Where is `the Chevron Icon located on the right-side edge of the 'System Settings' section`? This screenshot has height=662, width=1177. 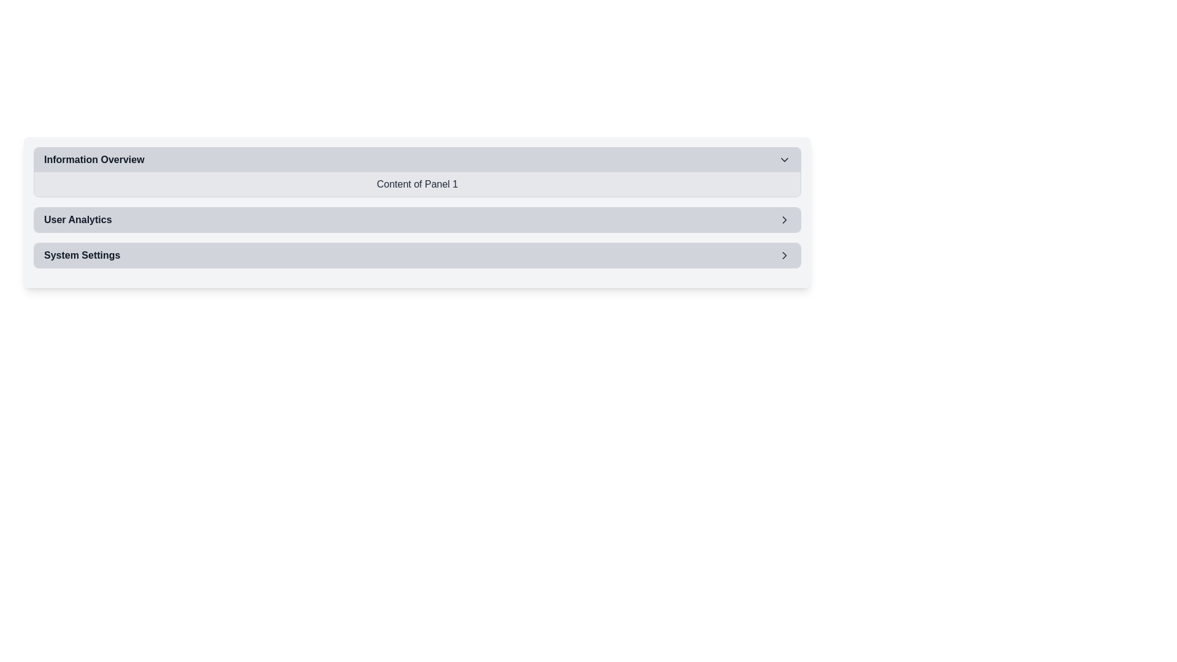
the Chevron Icon located on the right-side edge of the 'System Settings' section is located at coordinates (785, 254).